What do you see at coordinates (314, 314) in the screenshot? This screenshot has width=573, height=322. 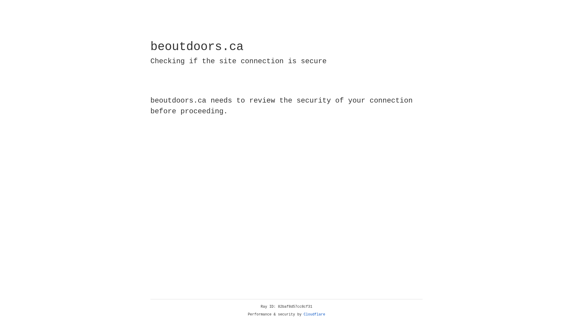 I see `'Cloudflare'` at bounding box center [314, 314].